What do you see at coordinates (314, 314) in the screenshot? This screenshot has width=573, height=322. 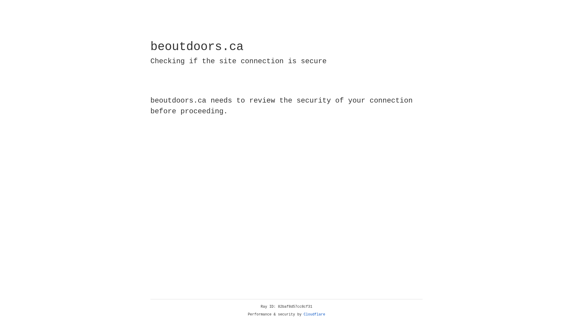 I see `'Cloudflare'` at bounding box center [314, 314].